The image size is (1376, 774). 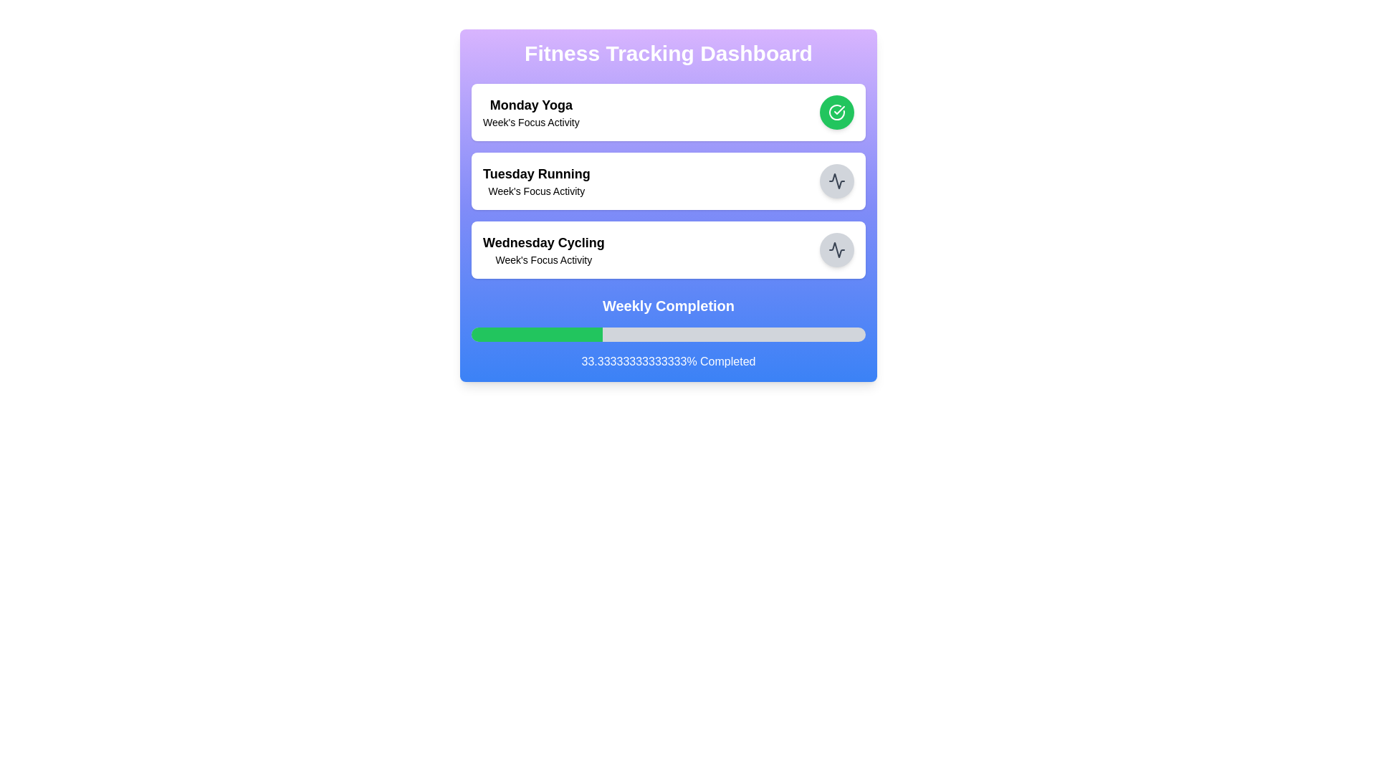 I want to click on the text label that displays "Week's Focus Activity" located below the bold title "Tuesday Running" within the second card of vertically stacked cards, so click(x=535, y=190).